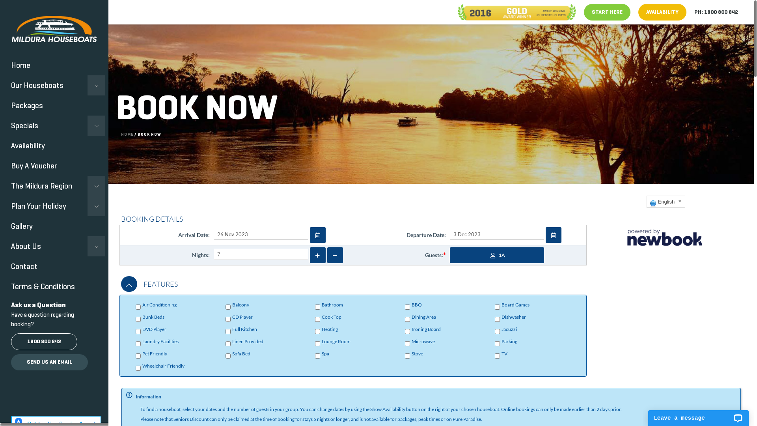  What do you see at coordinates (52, 246) in the screenshot?
I see `'About Us'` at bounding box center [52, 246].